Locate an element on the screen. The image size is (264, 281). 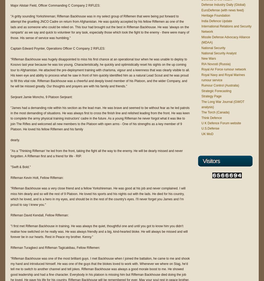
'dearly.' is located at coordinates (15, 140).